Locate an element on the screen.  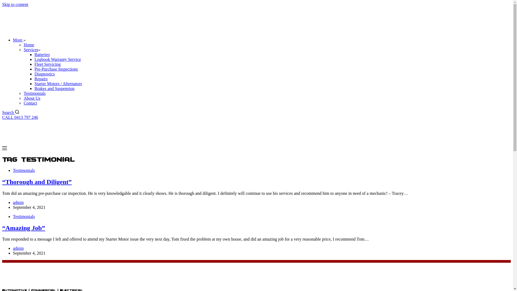
'More' is located at coordinates (13, 40).